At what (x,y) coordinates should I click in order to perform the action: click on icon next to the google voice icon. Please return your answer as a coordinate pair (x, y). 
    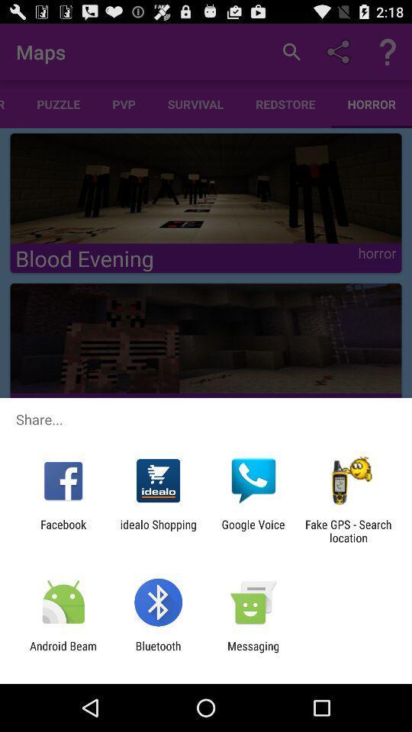
    Looking at the image, I should click on (157, 531).